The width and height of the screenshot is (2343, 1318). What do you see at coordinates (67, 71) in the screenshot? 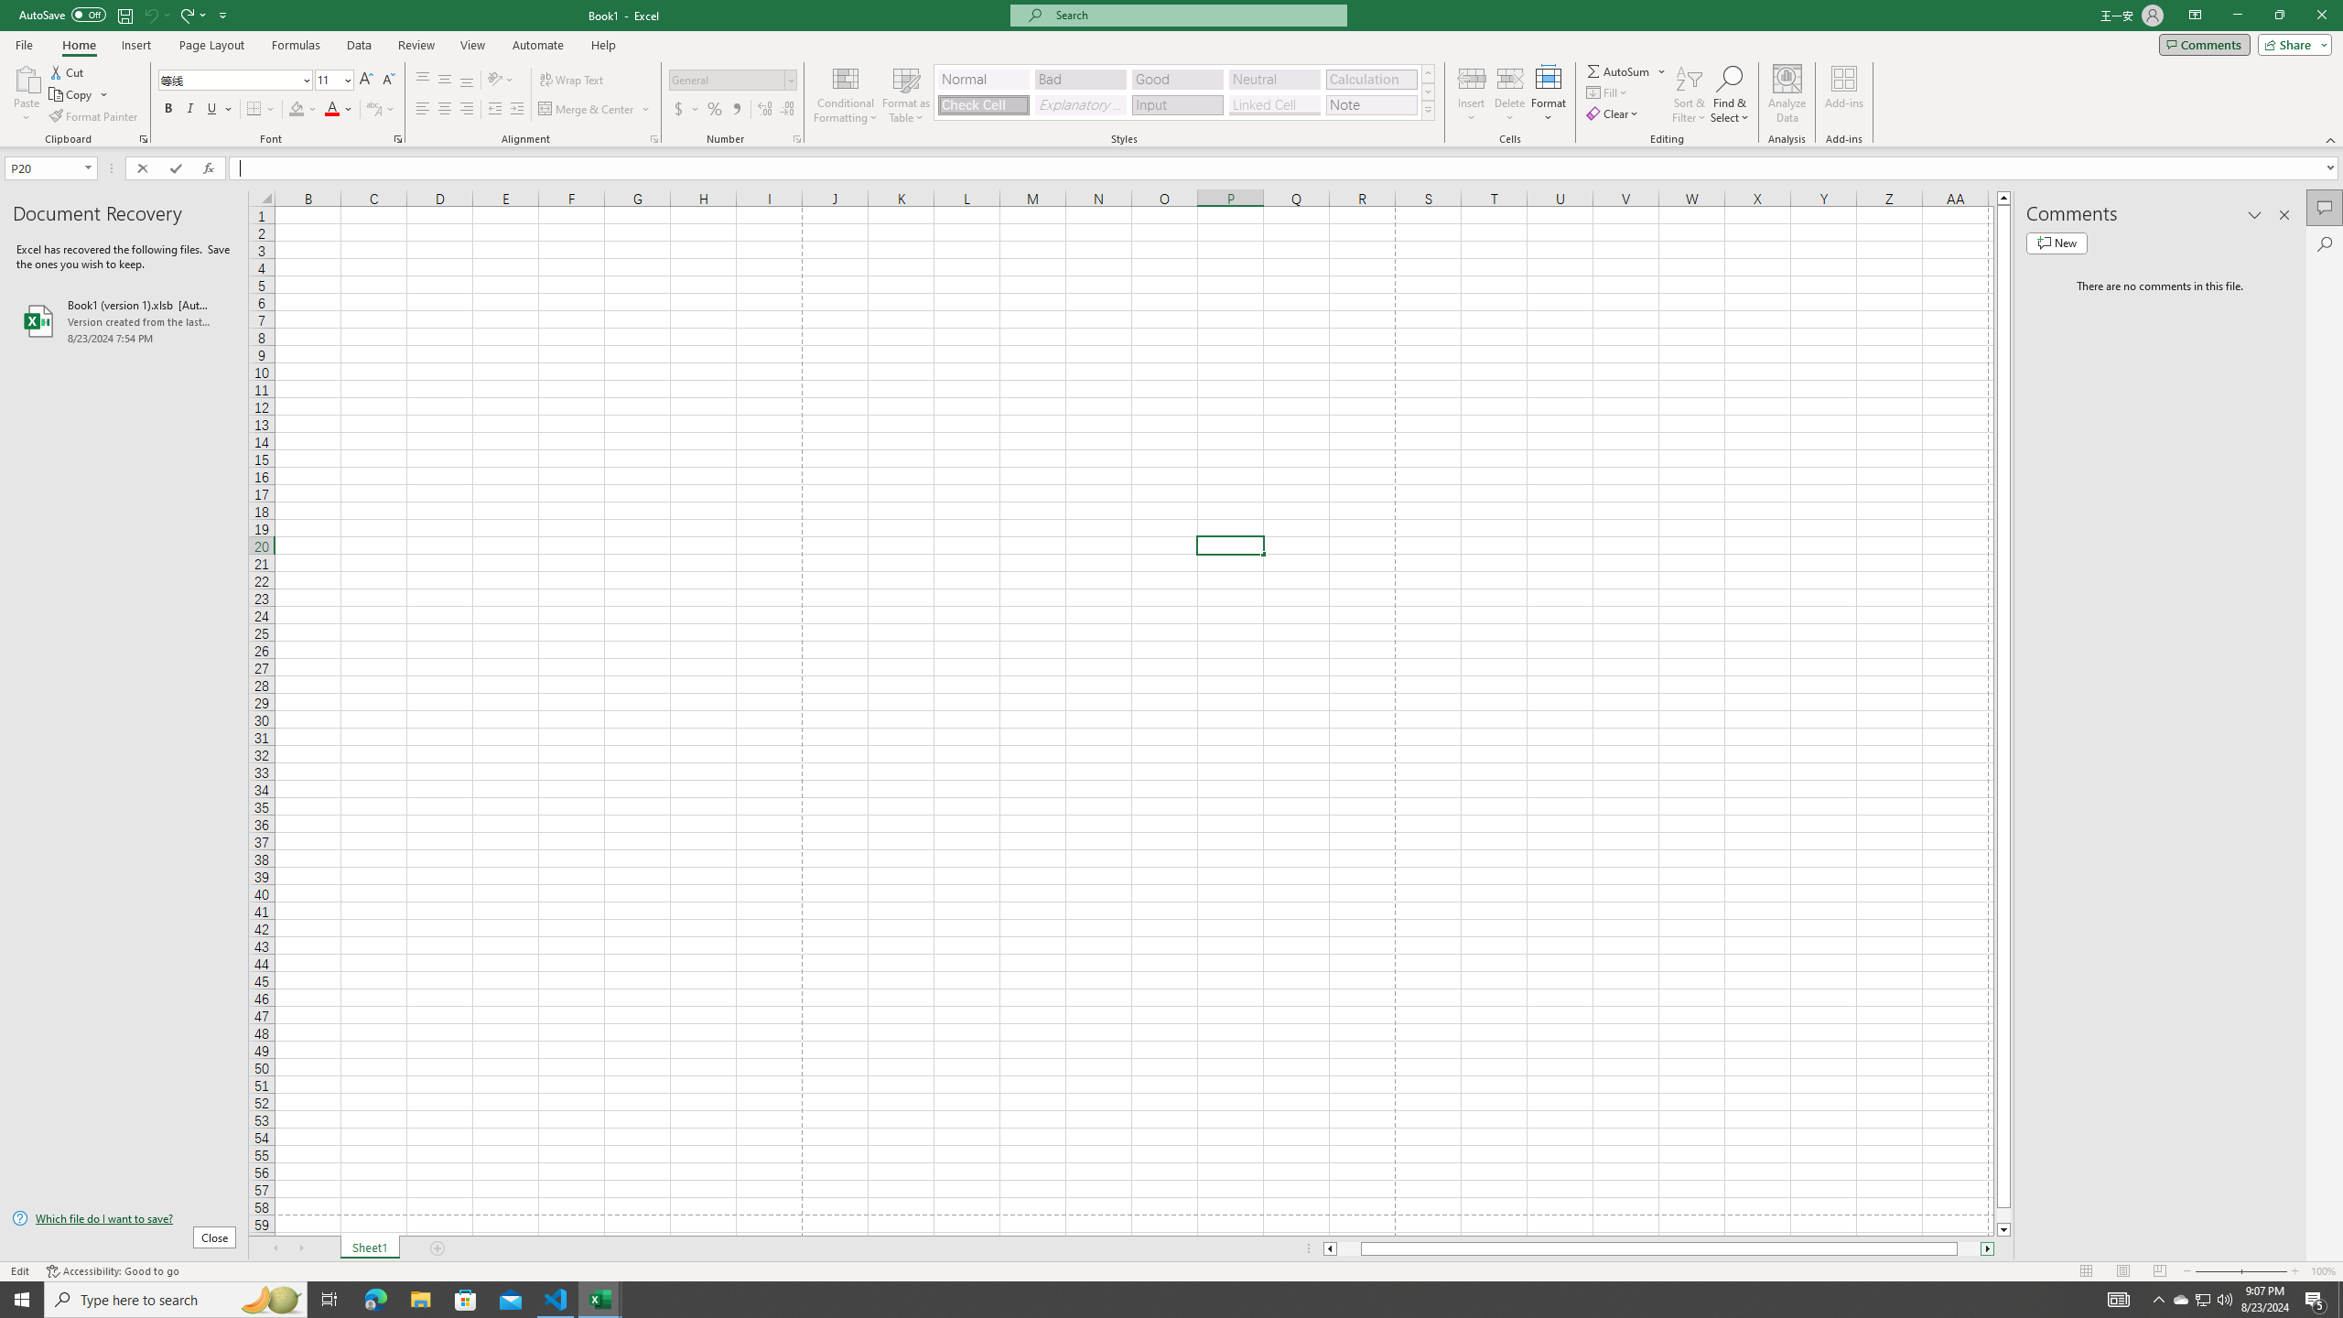
I see `'Cut'` at bounding box center [67, 71].